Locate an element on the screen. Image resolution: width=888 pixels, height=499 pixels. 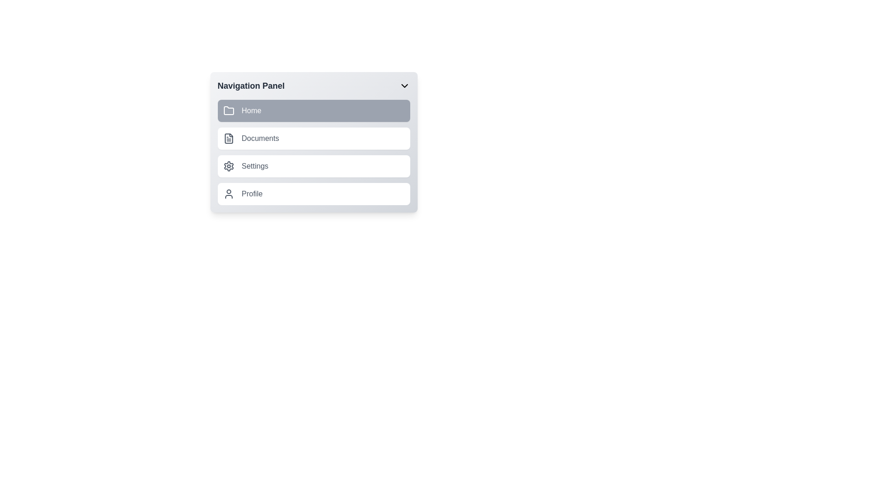
the decorative gear icon located within the 'Settings' row of the navigation panel is located at coordinates (228, 165).